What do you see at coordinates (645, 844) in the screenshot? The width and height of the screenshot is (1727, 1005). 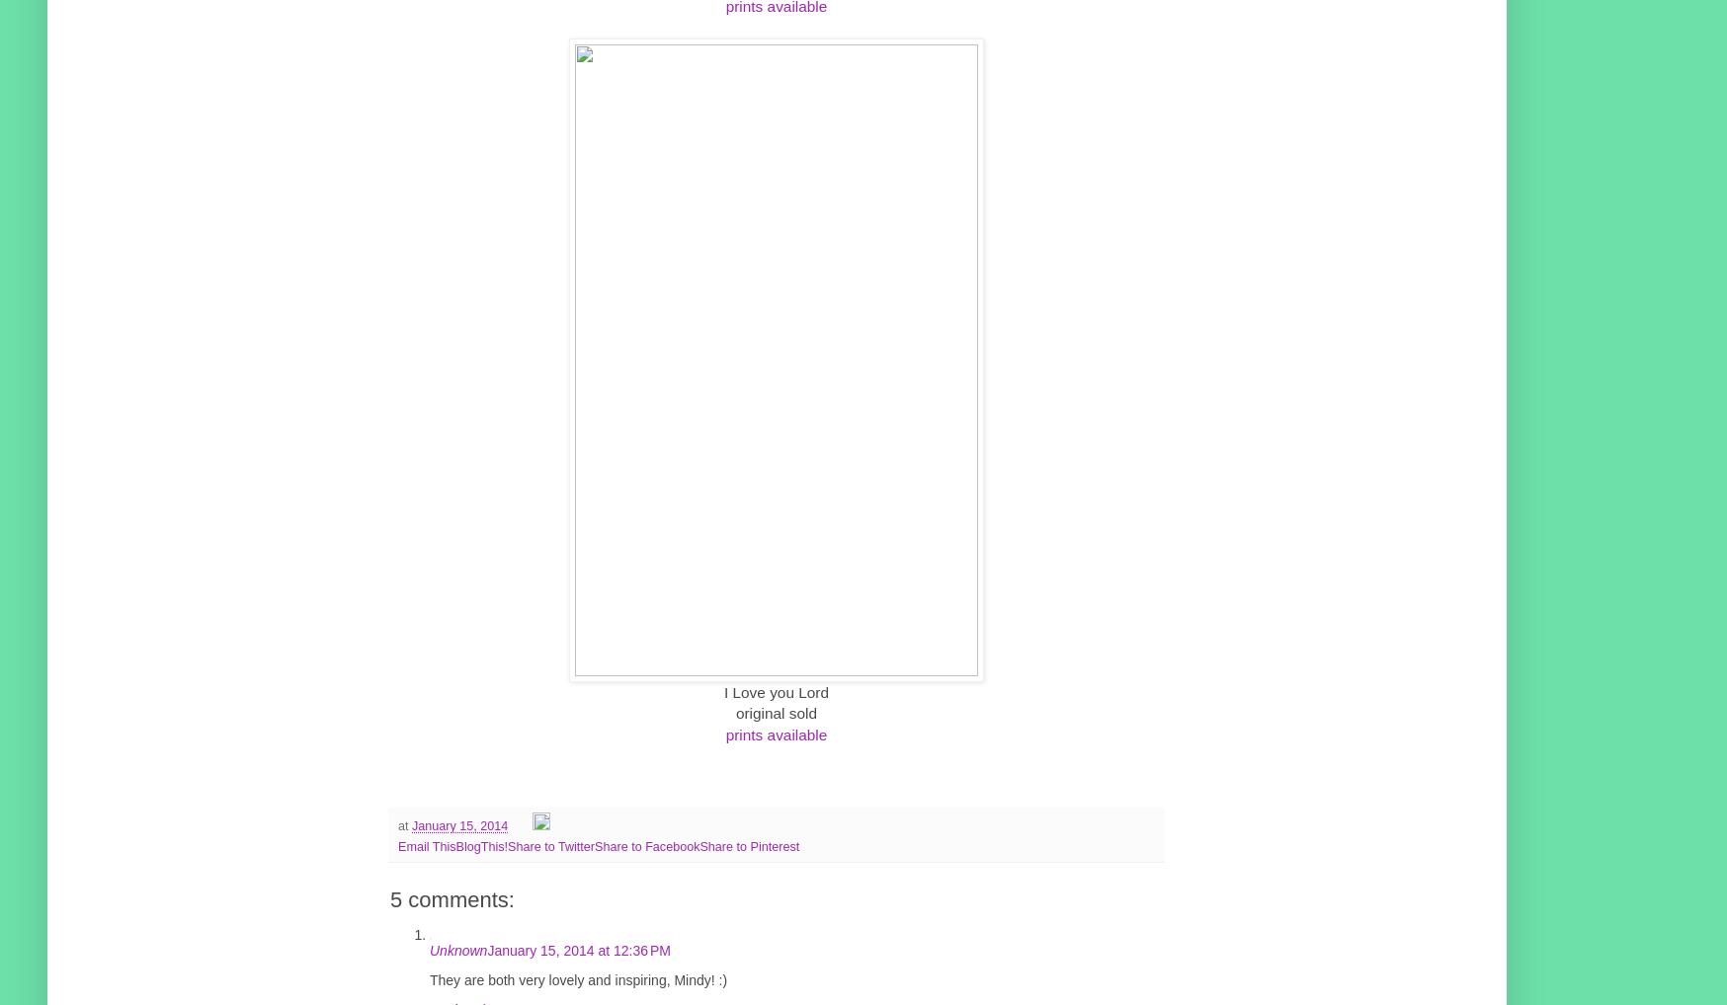 I see `'Share to Facebook'` at bounding box center [645, 844].